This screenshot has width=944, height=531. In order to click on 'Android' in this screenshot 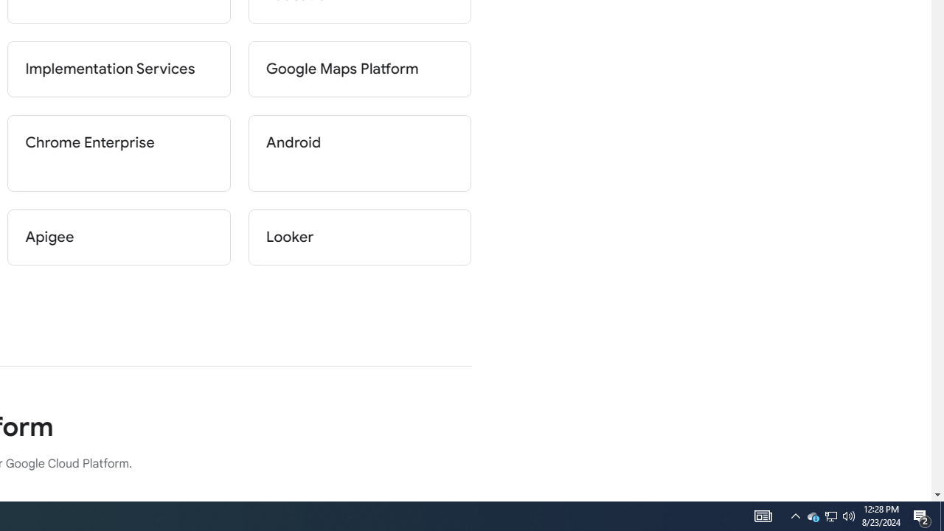, I will do `click(359, 153)`.